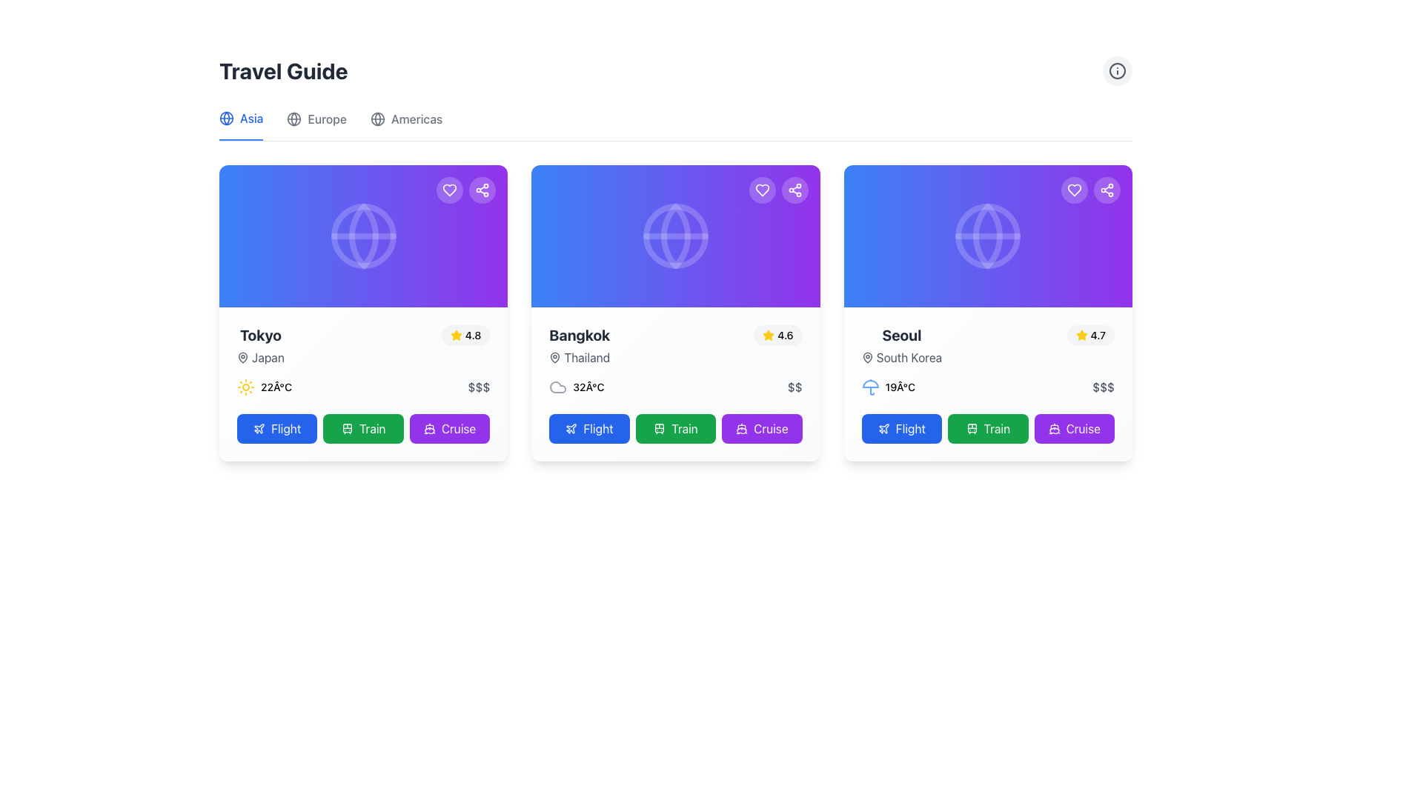 The width and height of the screenshot is (1423, 800). What do you see at coordinates (260, 335) in the screenshot?
I see `text content displayed in the top-left corner of the first card, which identifies the city name above the label 'Japan'` at bounding box center [260, 335].